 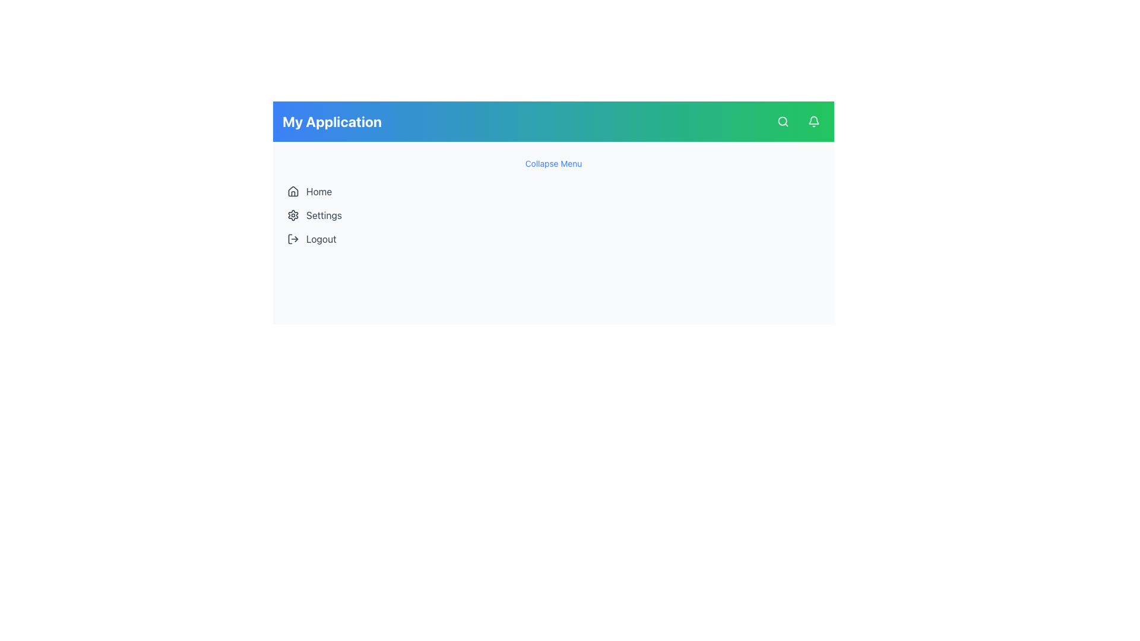 I want to click on the 'Home' navigation label in the vertical menu of 'My Application', which indicates the purpose of the associated menu option, so click(x=319, y=191).